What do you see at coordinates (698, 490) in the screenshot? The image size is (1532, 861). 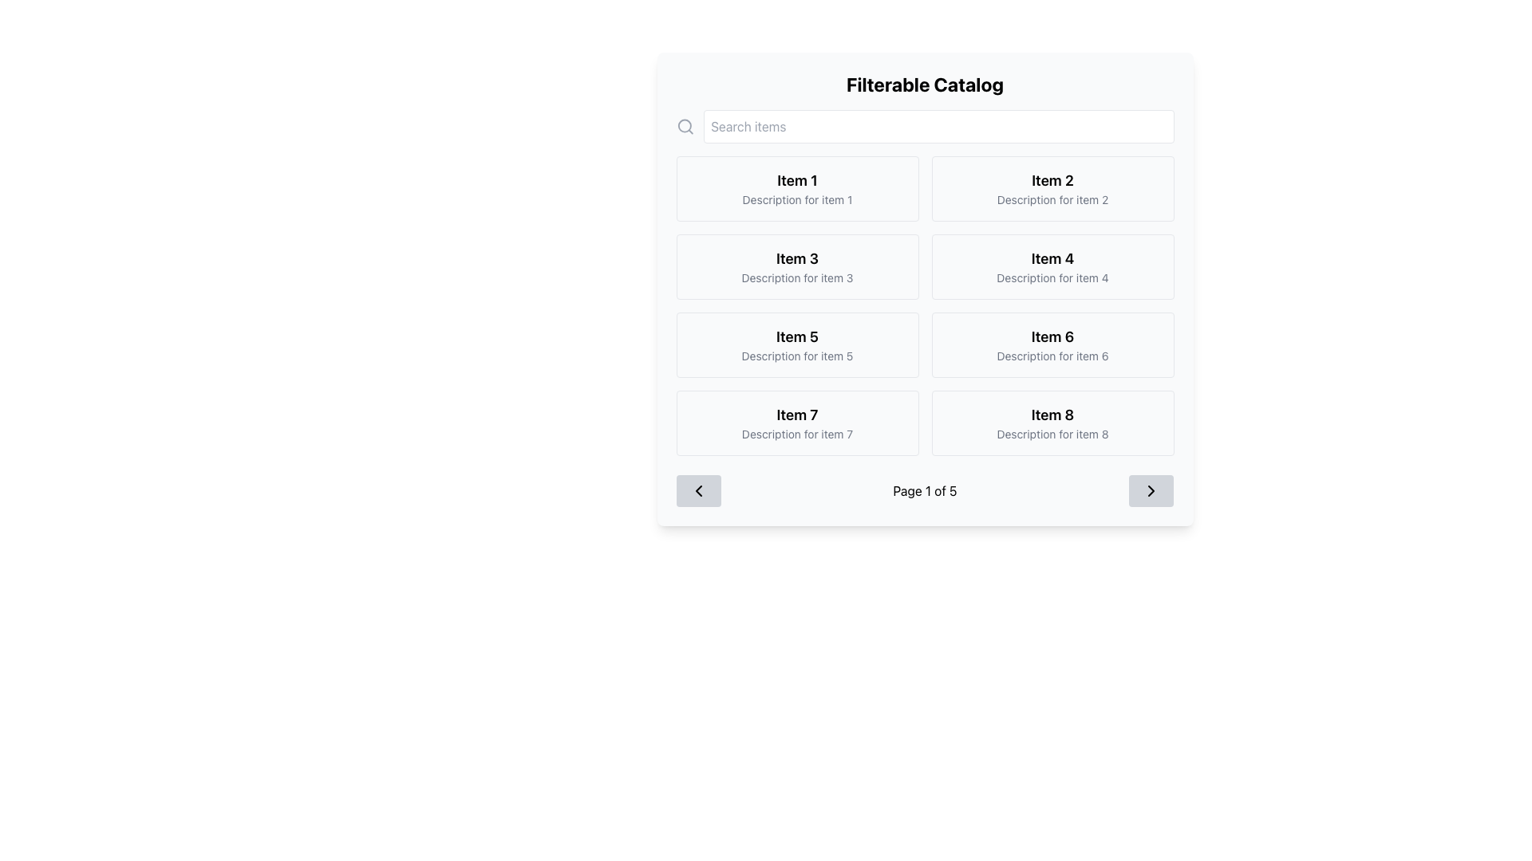 I see `the left navigation icon located inside a gray rounded rectangular button at the bottom-left corner of the layout` at bounding box center [698, 490].